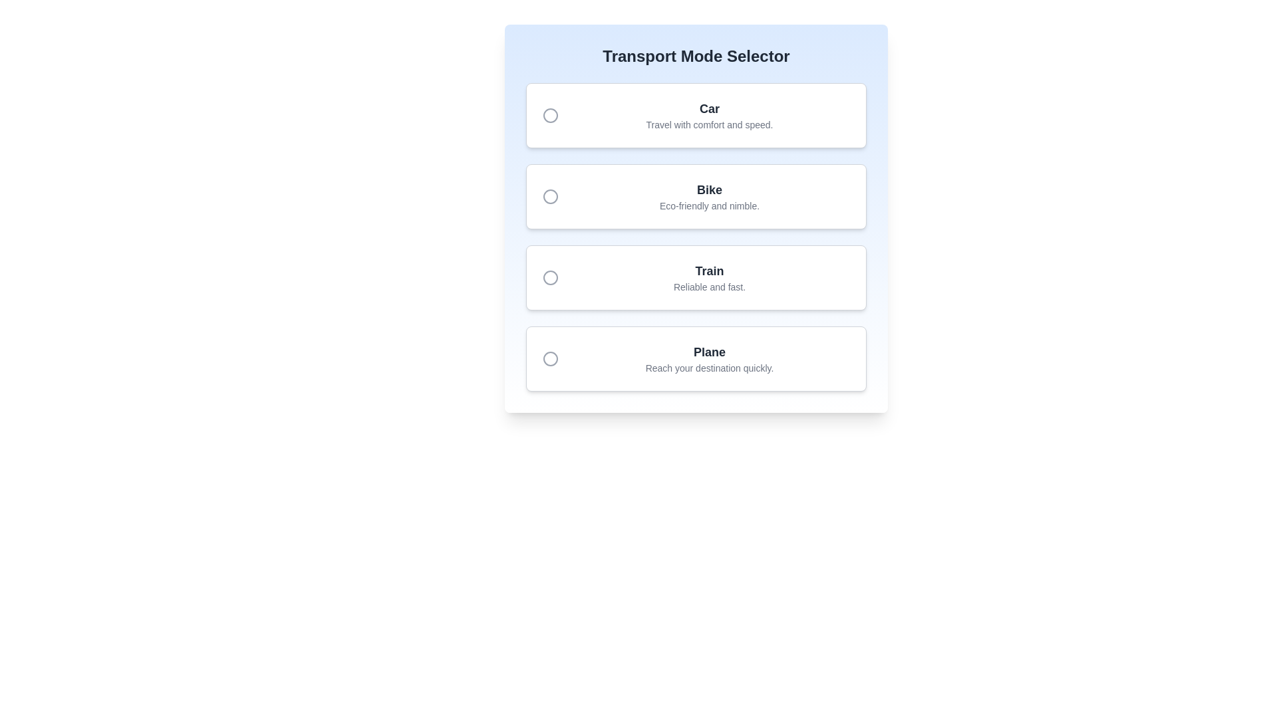 The height and width of the screenshot is (718, 1277). What do you see at coordinates (695, 237) in the screenshot?
I see `one of the options within the Transport Mode Selector radio button group, which includes Car, Bike, Train, and Plane` at bounding box center [695, 237].